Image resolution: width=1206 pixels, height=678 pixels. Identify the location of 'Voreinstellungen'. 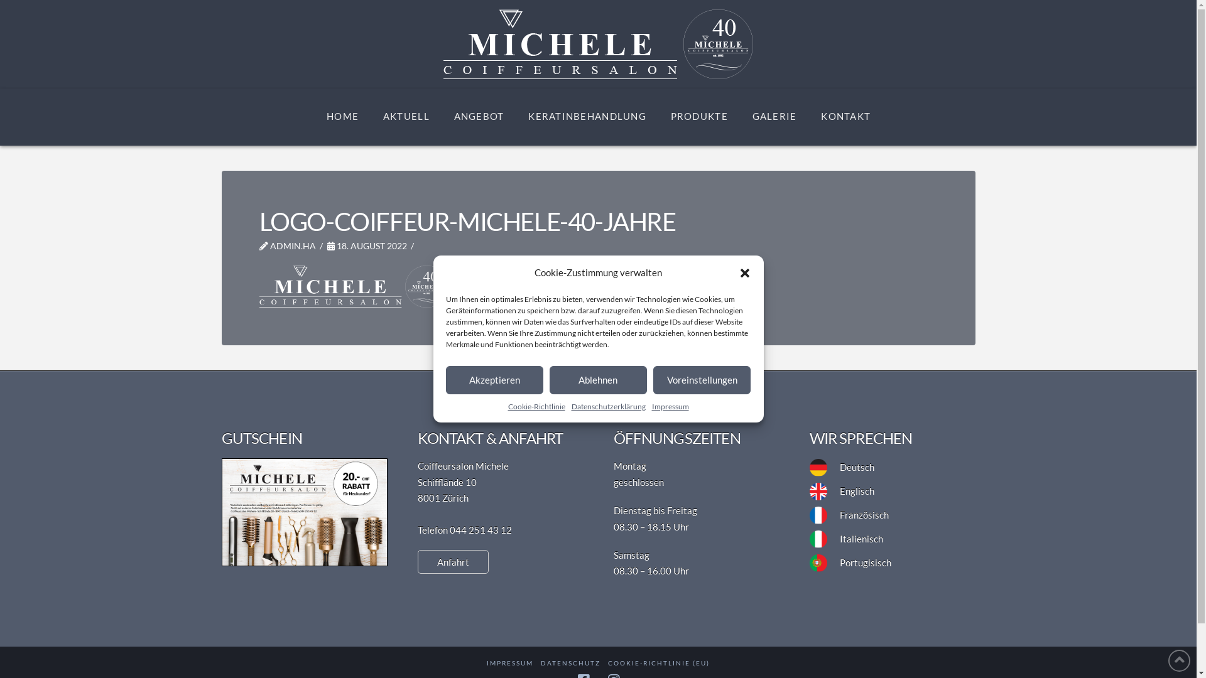
(701, 379).